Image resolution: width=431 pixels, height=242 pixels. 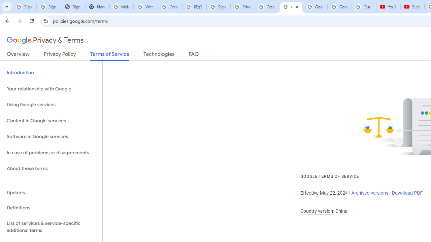 What do you see at coordinates (51, 88) in the screenshot?
I see `'Your relationship with Google'` at bounding box center [51, 88].